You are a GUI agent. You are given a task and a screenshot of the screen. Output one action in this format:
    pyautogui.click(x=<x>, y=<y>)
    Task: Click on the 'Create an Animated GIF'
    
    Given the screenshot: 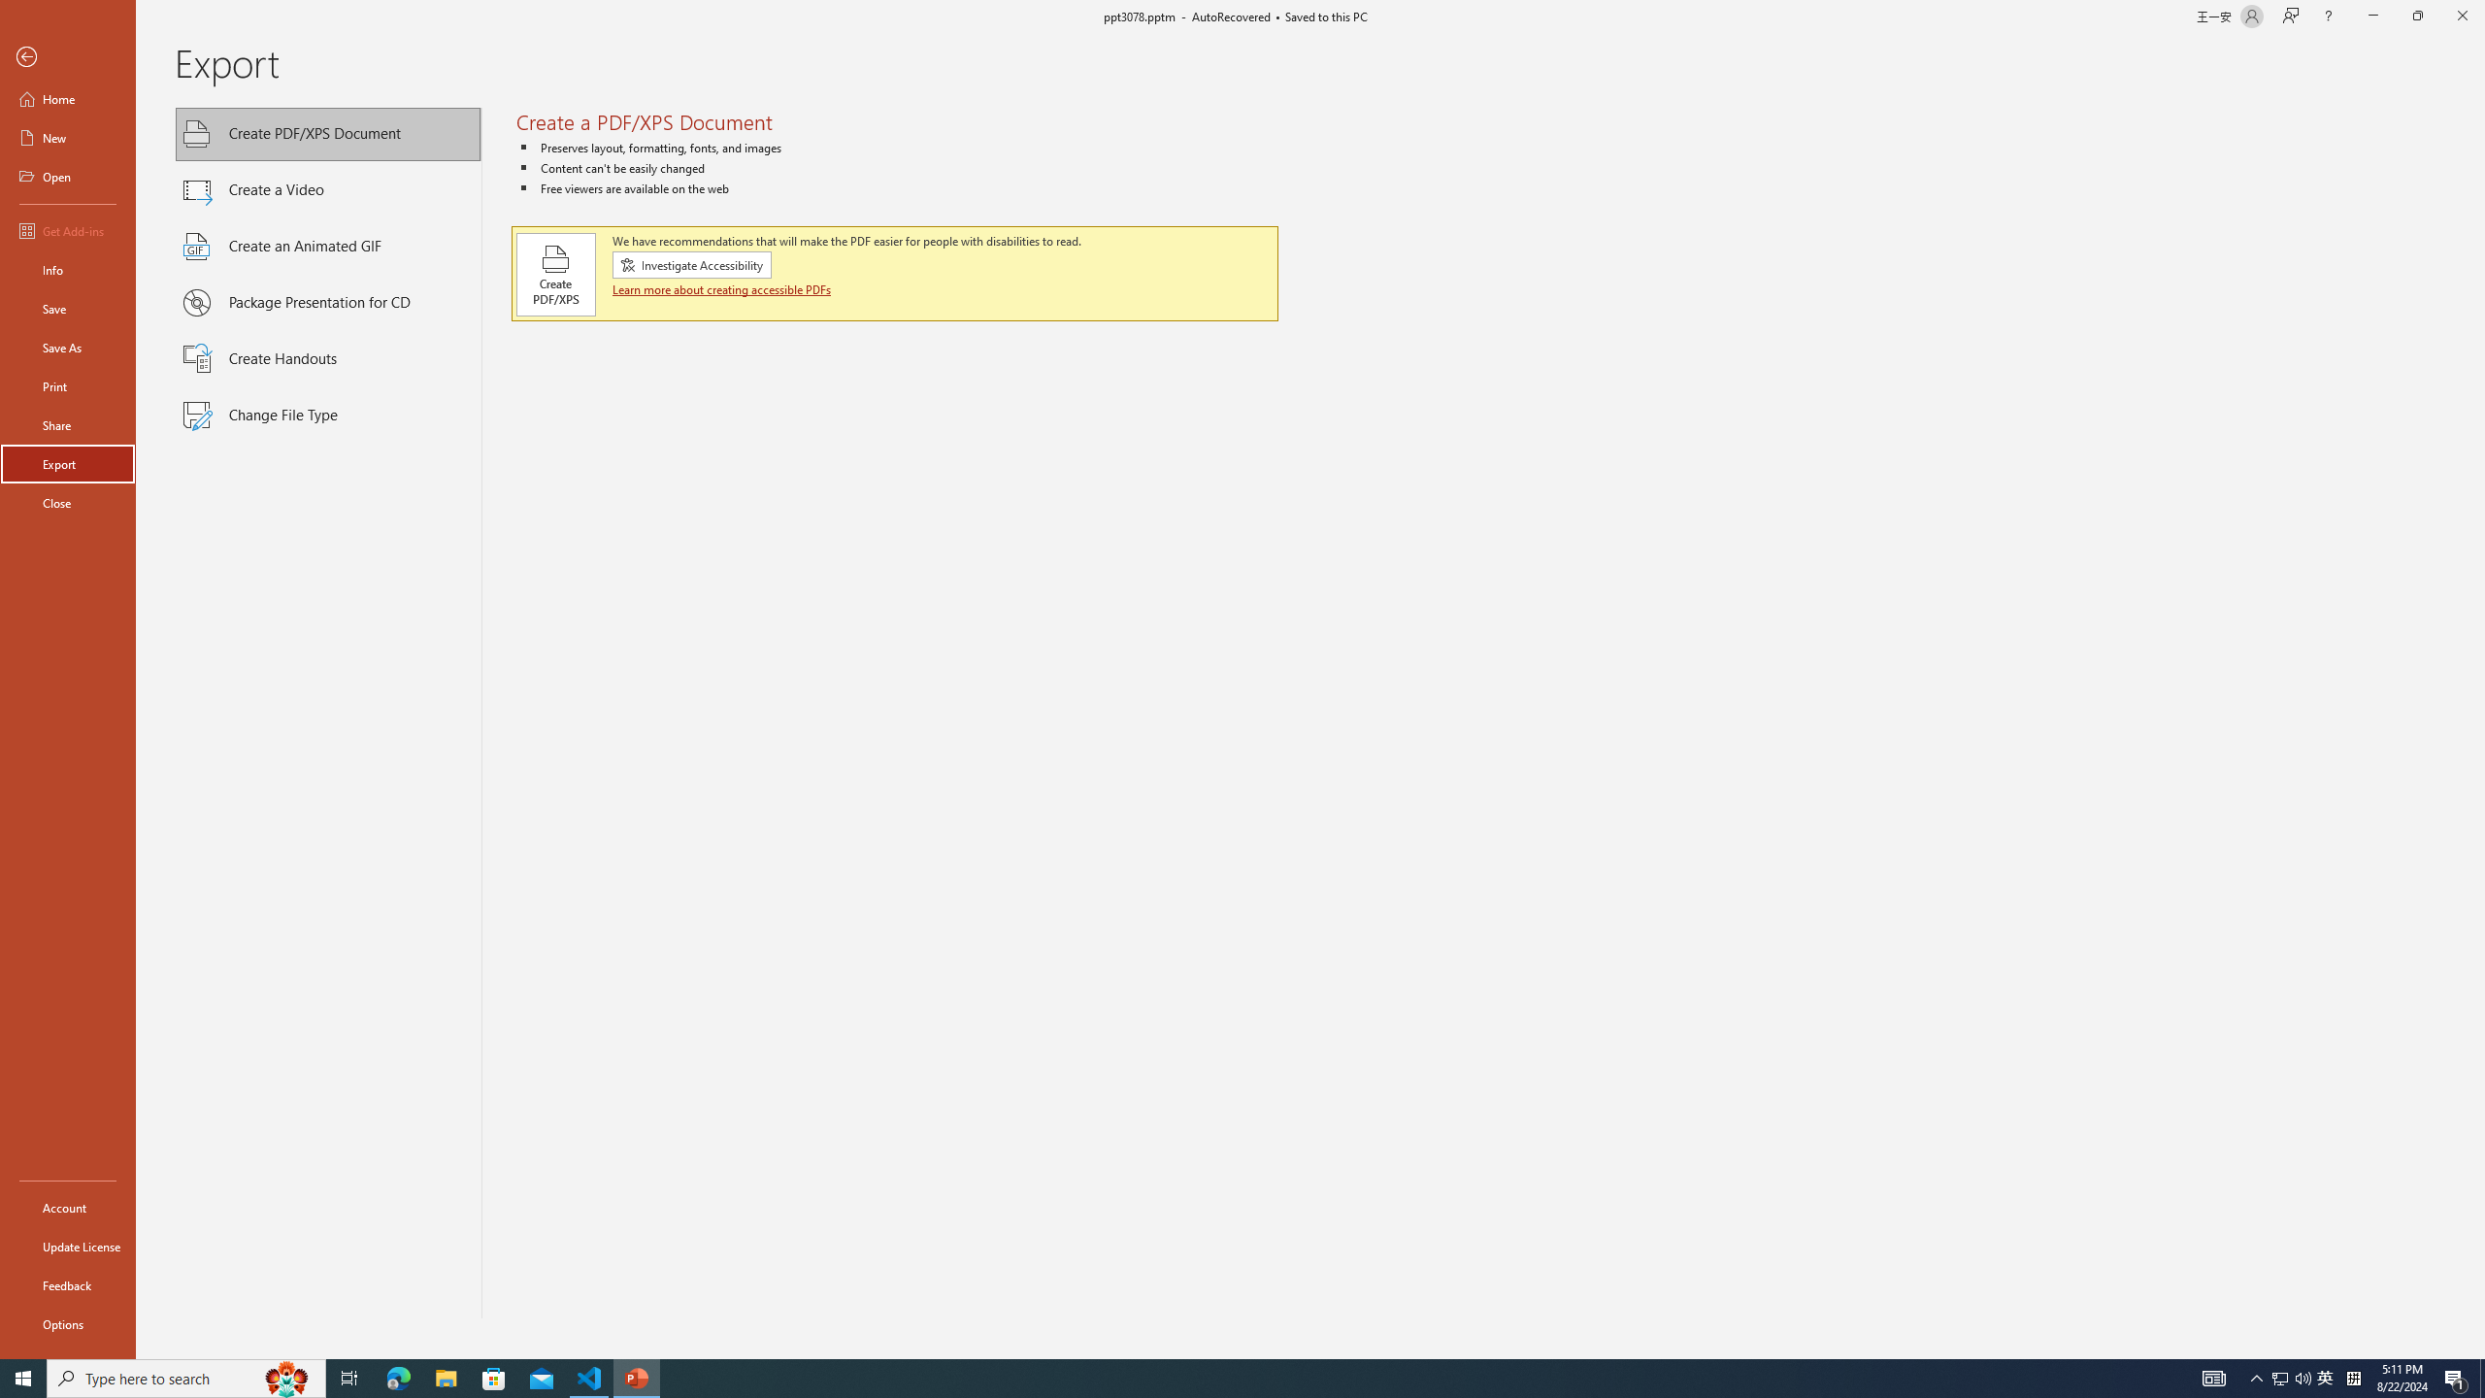 What is the action you would take?
    pyautogui.click(x=328, y=246)
    